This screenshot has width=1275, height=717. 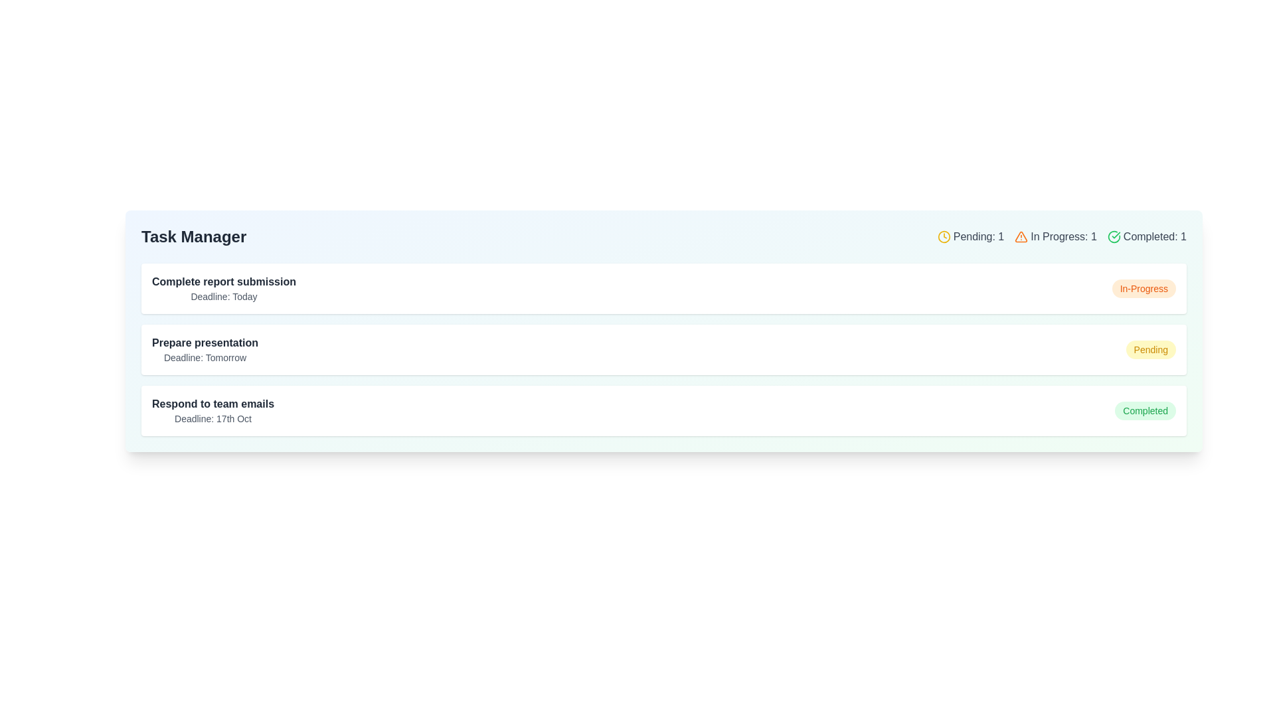 I want to click on the circular shape within the yellow clock-like icon located to the left of the text 'Pending: 1' in the header area of the interface, so click(x=943, y=236).